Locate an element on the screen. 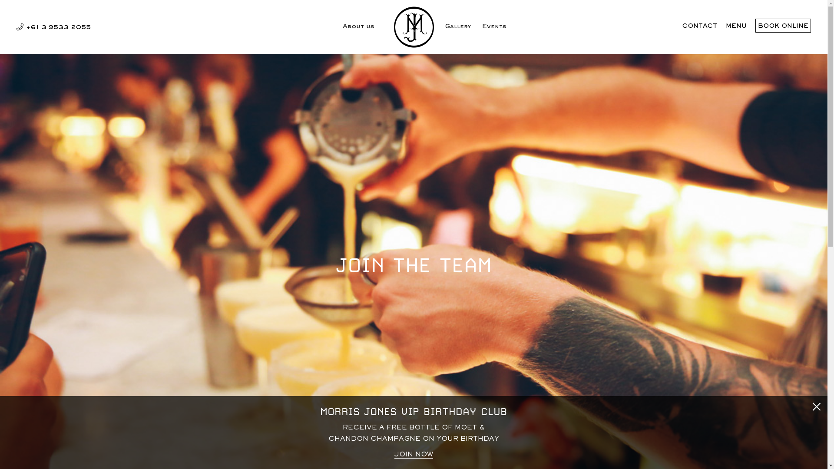  'Events' is located at coordinates (494, 30).